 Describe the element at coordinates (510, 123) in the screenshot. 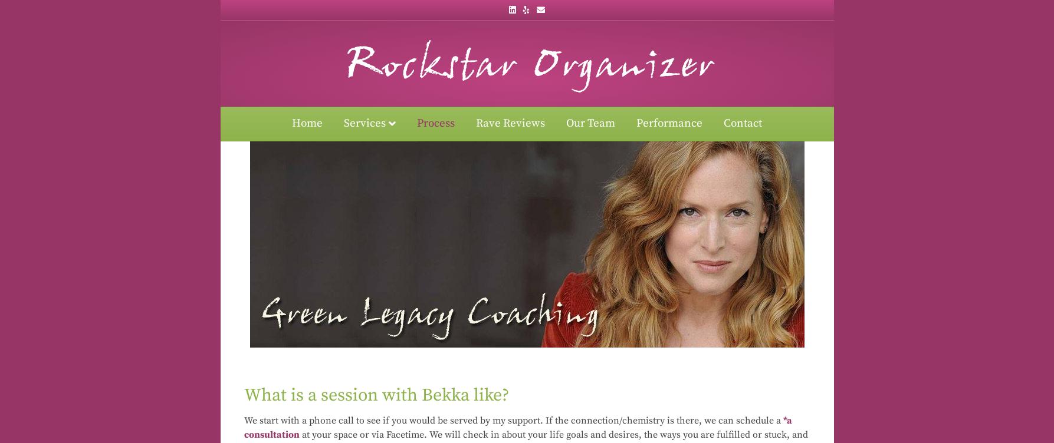

I see `'Rave Reviews'` at that location.